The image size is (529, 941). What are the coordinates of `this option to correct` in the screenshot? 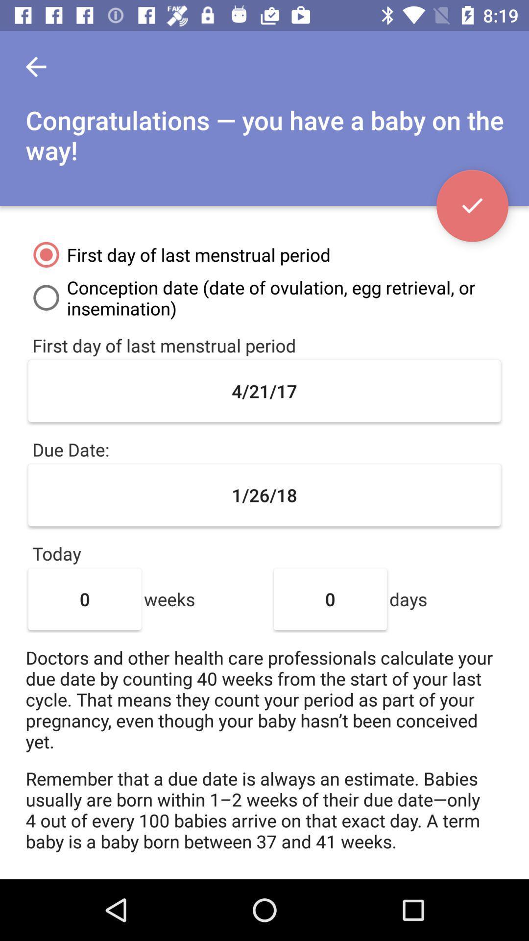 It's located at (472, 205).